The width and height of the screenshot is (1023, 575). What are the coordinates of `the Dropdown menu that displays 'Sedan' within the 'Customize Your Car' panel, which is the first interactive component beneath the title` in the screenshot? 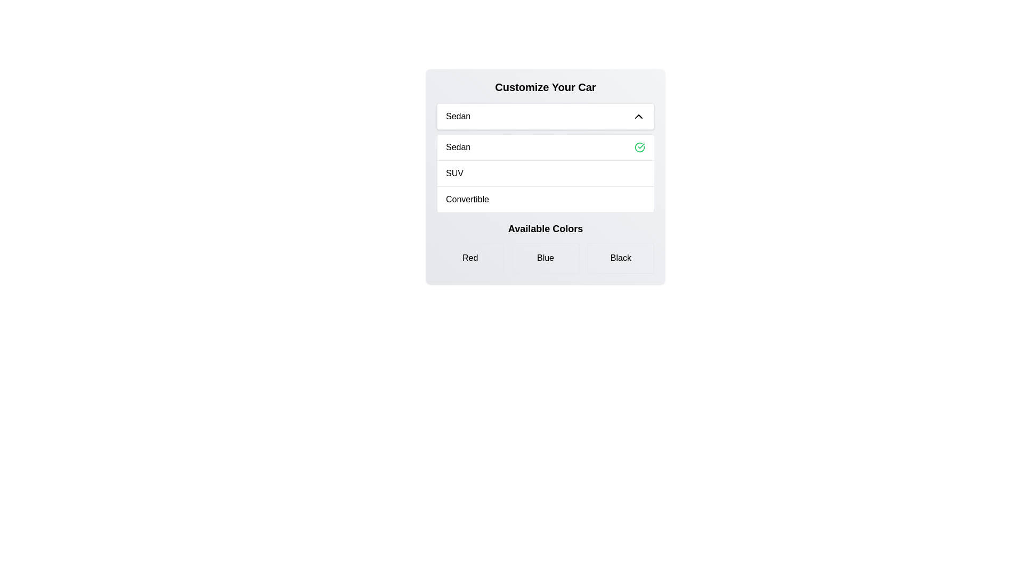 It's located at (545, 117).